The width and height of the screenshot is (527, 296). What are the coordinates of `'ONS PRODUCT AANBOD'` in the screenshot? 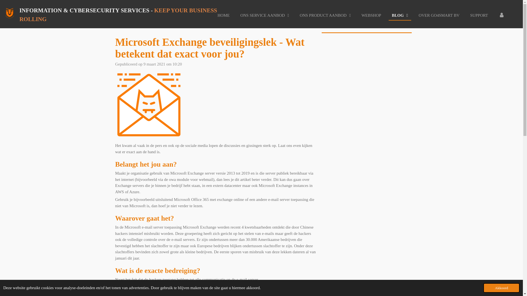 It's located at (296, 15).